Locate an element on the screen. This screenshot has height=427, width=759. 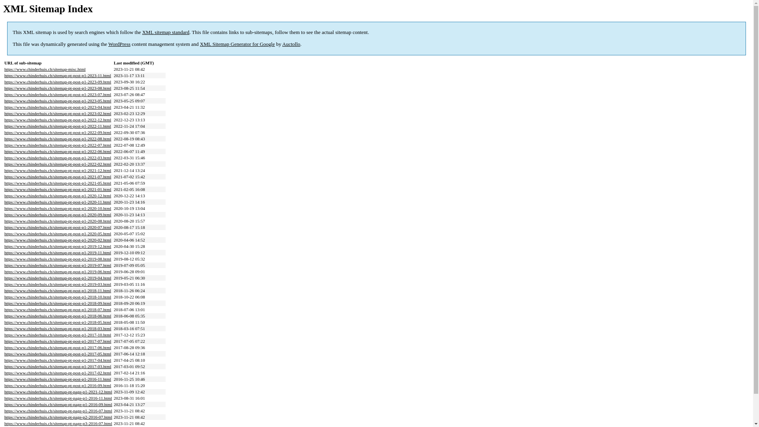
'https://www.chinderhuis.ch/sitemap-pt-post-p1-2018-03.html' is located at coordinates (57, 328).